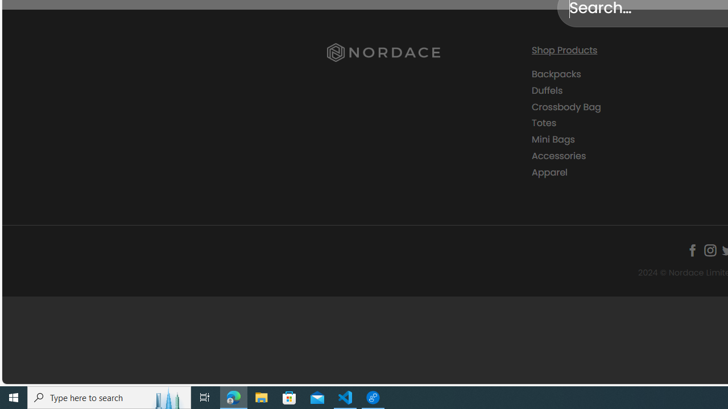 The height and width of the screenshot is (409, 728). I want to click on 'Apparel', so click(624, 172).